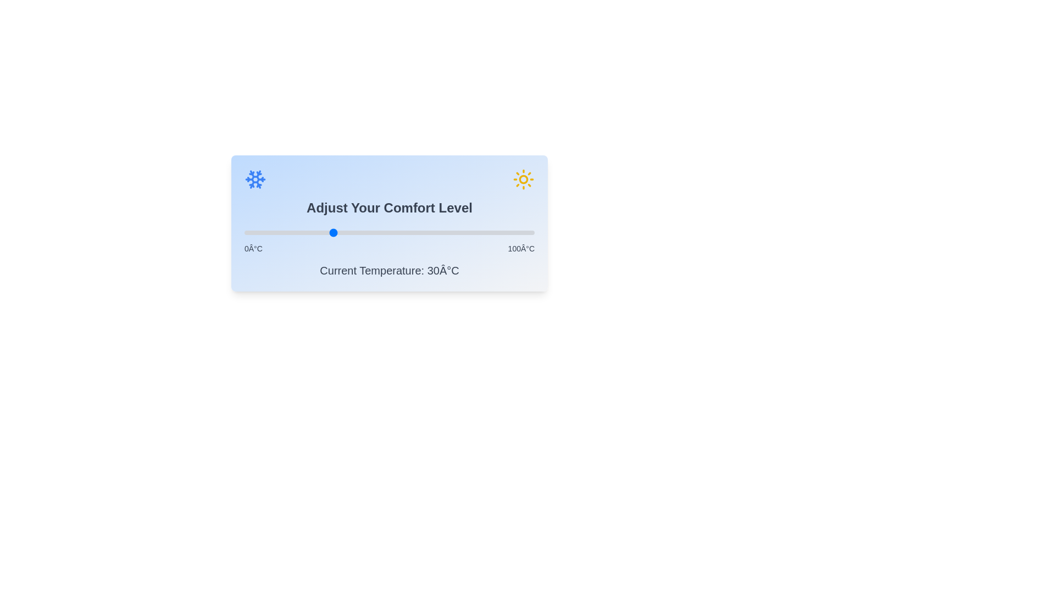 The width and height of the screenshot is (1055, 593). What do you see at coordinates (384, 232) in the screenshot?
I see `the slider to set the temperature to 48°C` at bounding box center [384, 232].